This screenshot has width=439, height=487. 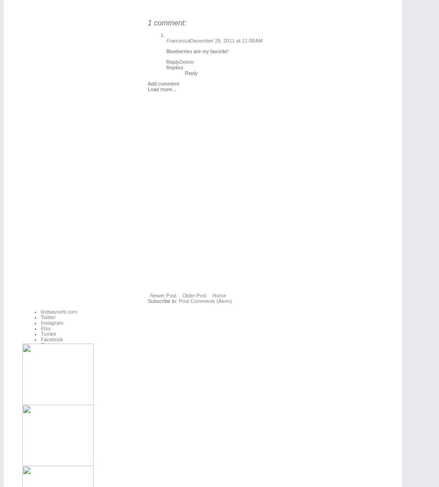 I want to click on '1 comment:', so click(x=166, y=22).